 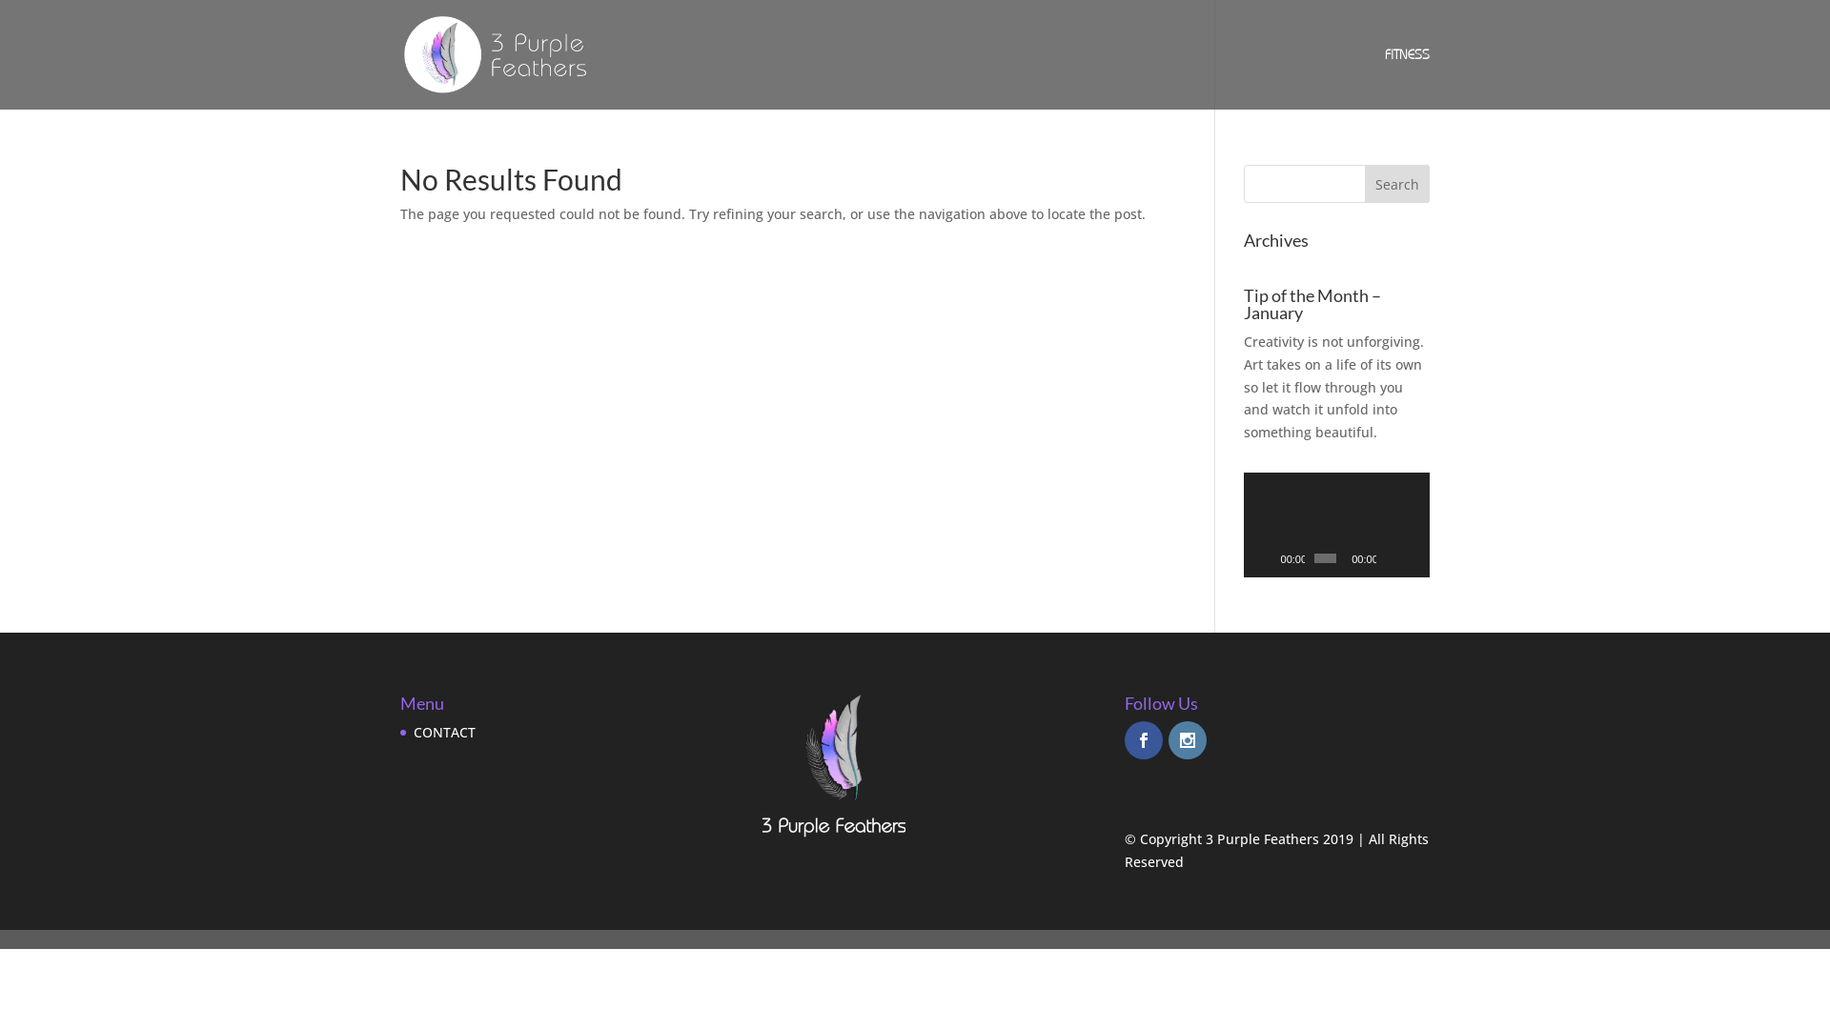 What do you see at coordinates (1413, 557) in the screenshot?
I see `'Fullscreen'` at bounding box center [1413, 557].